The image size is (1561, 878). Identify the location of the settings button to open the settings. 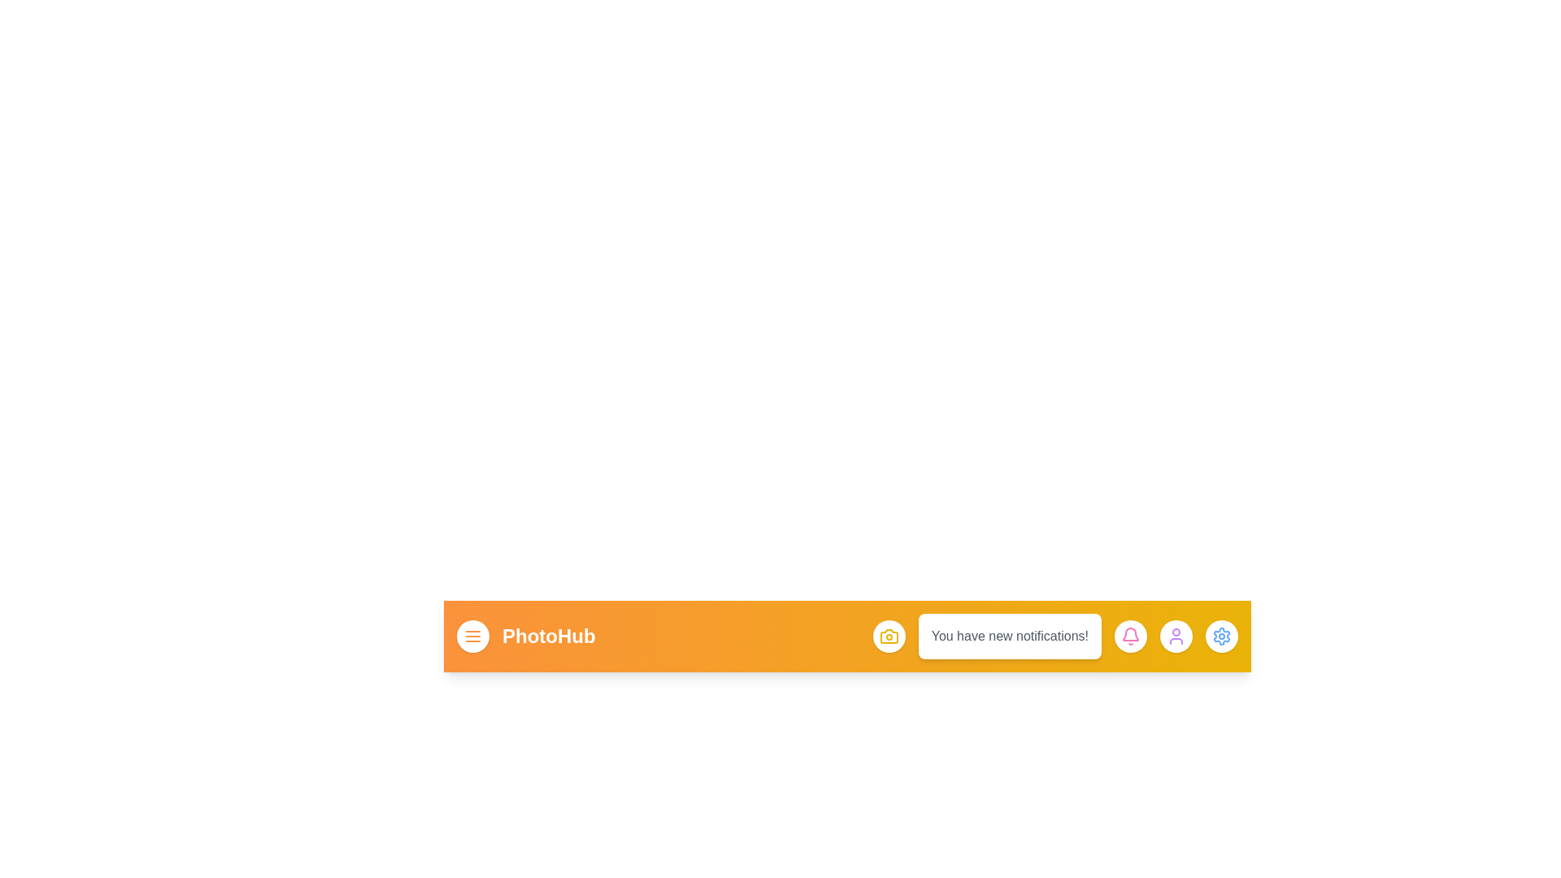
(1221, 636).